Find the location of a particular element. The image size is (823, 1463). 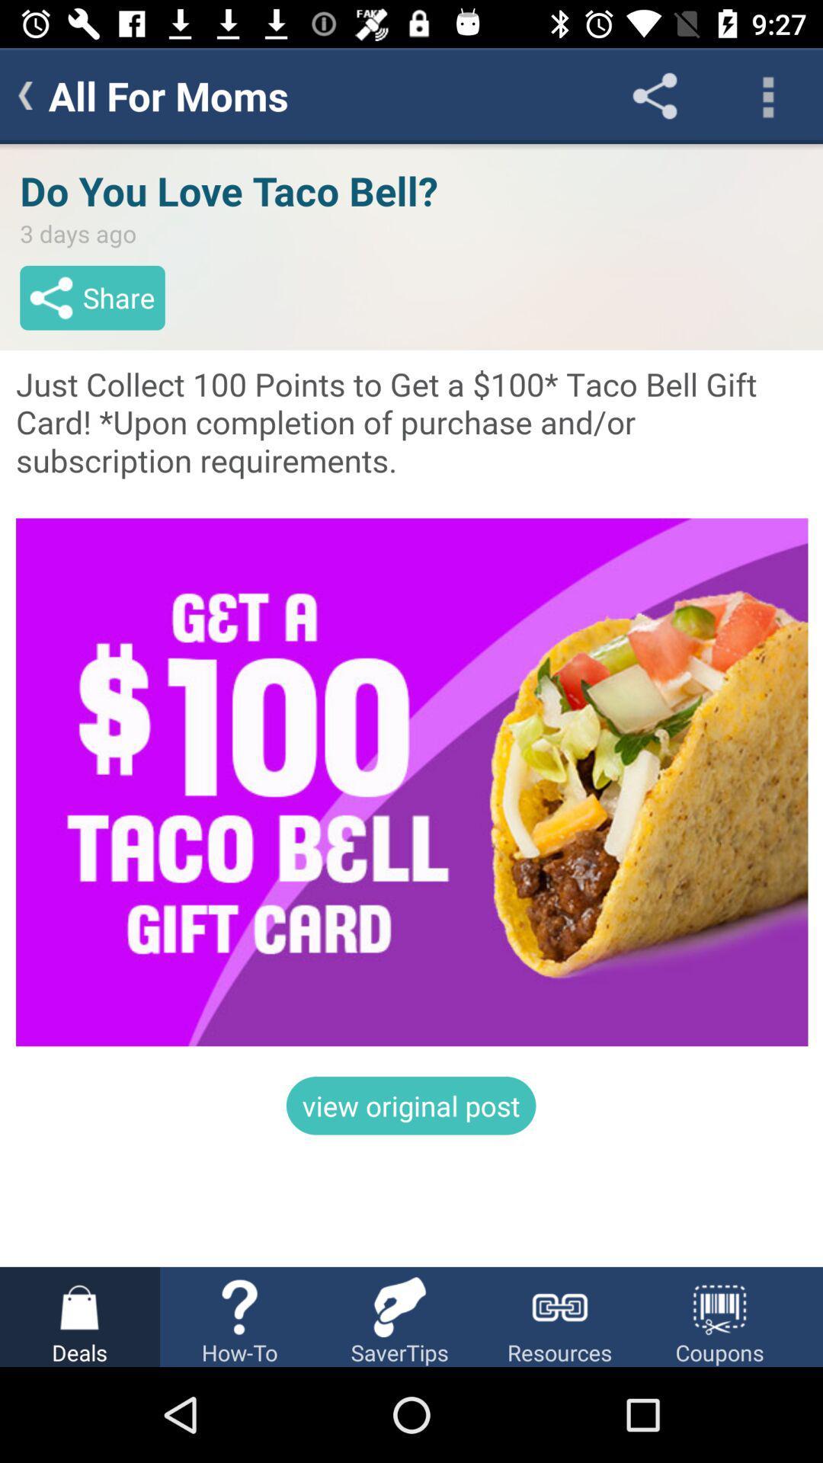

the share icon is located at coordinates (654, 94).